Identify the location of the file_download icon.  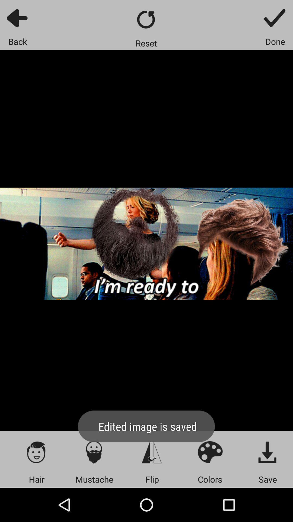
(267, 452).